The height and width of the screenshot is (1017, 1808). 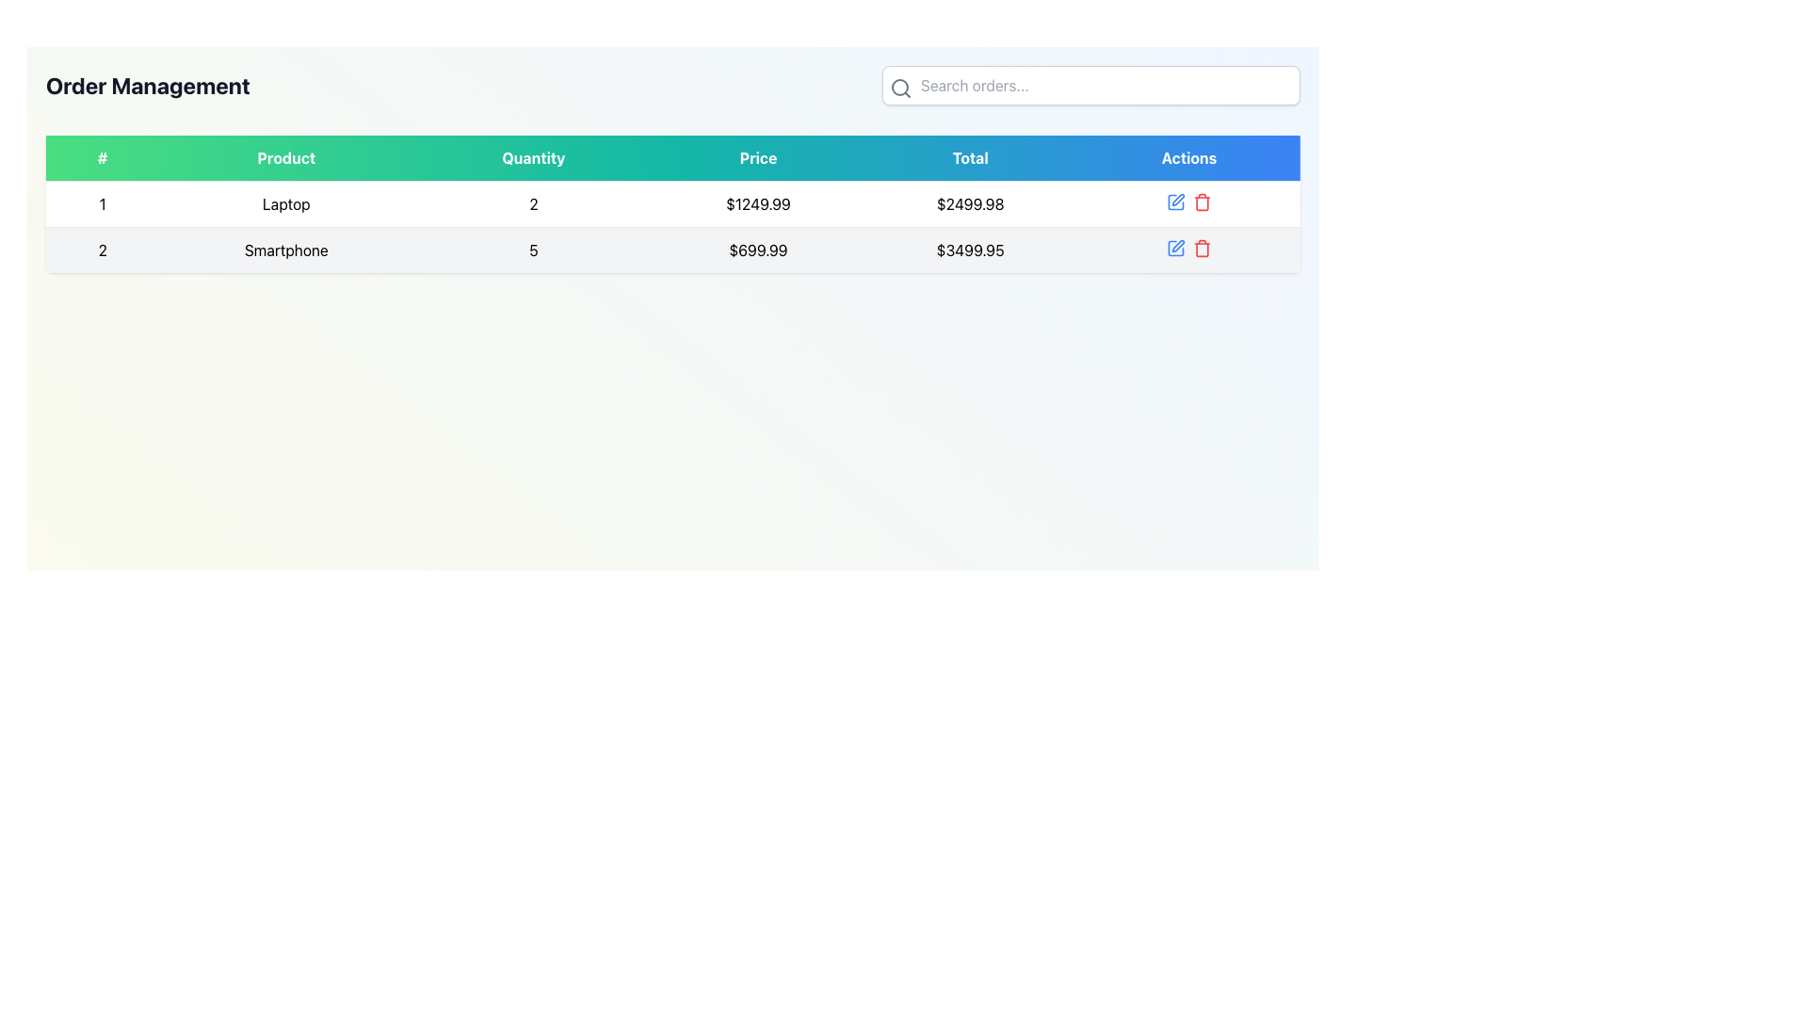 What do you see at coordinates (1177, 200) in the screenshot?
I see `the edit icon located in the 'Actions' column of the second row of the table` at bounding box center [1177, 200].